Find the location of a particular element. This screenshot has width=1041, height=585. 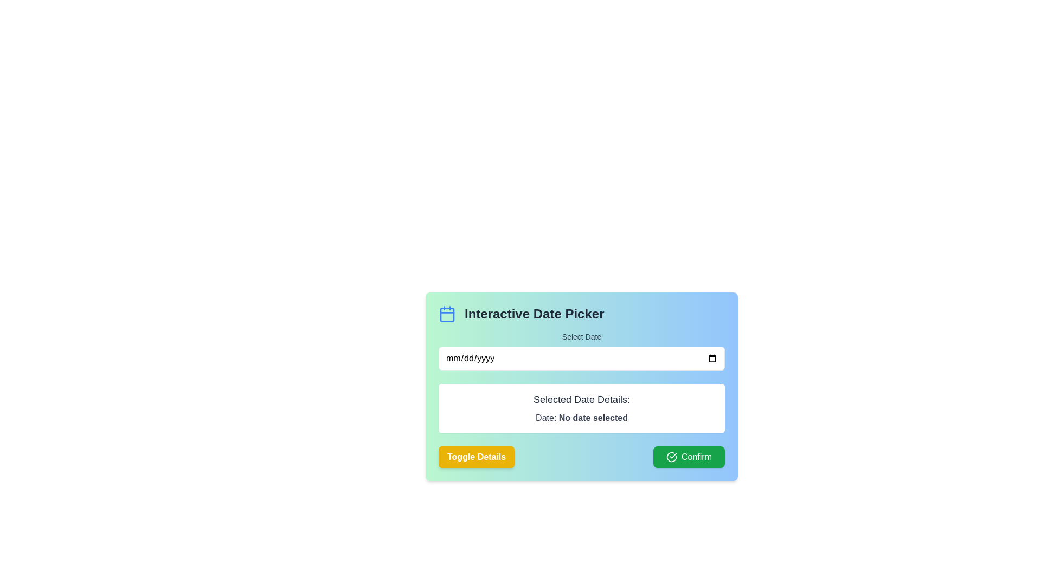

the Text Label displaying 'No date selected' in bold dark gray font, located within the 'Selected Date Details' panel is located at coordinates (593, 417).